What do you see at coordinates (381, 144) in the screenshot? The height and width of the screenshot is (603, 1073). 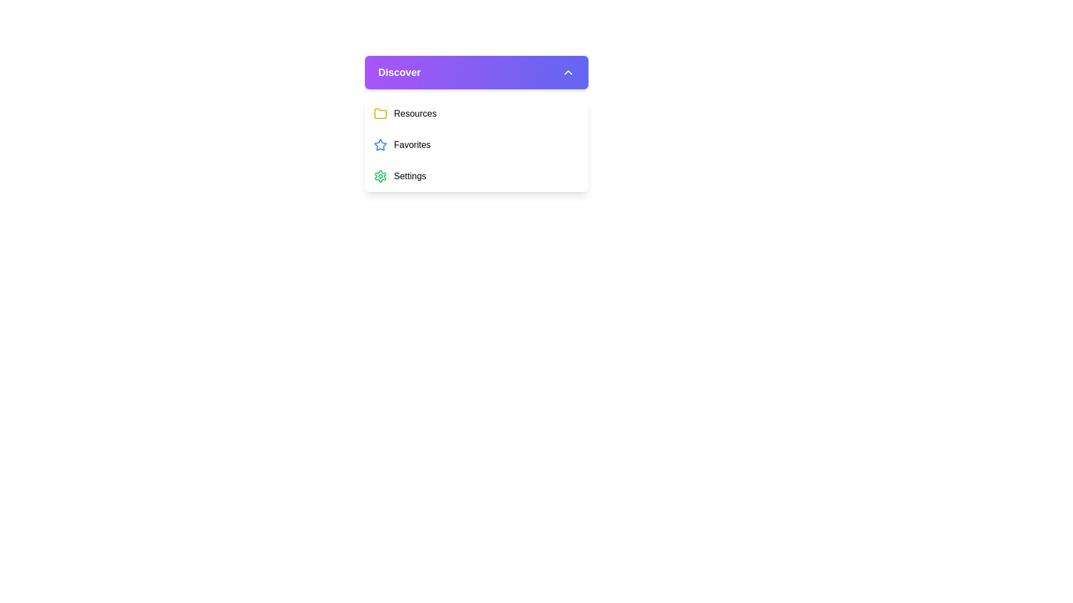 I see `the favorite-related icon located on the right-hand side of the UI, aligned near the center vertically, which is part of a dropdown interface and associated with options like 'Resources,' 'Favorites,' and 'Settings.'` at bounding box center [381, 144].